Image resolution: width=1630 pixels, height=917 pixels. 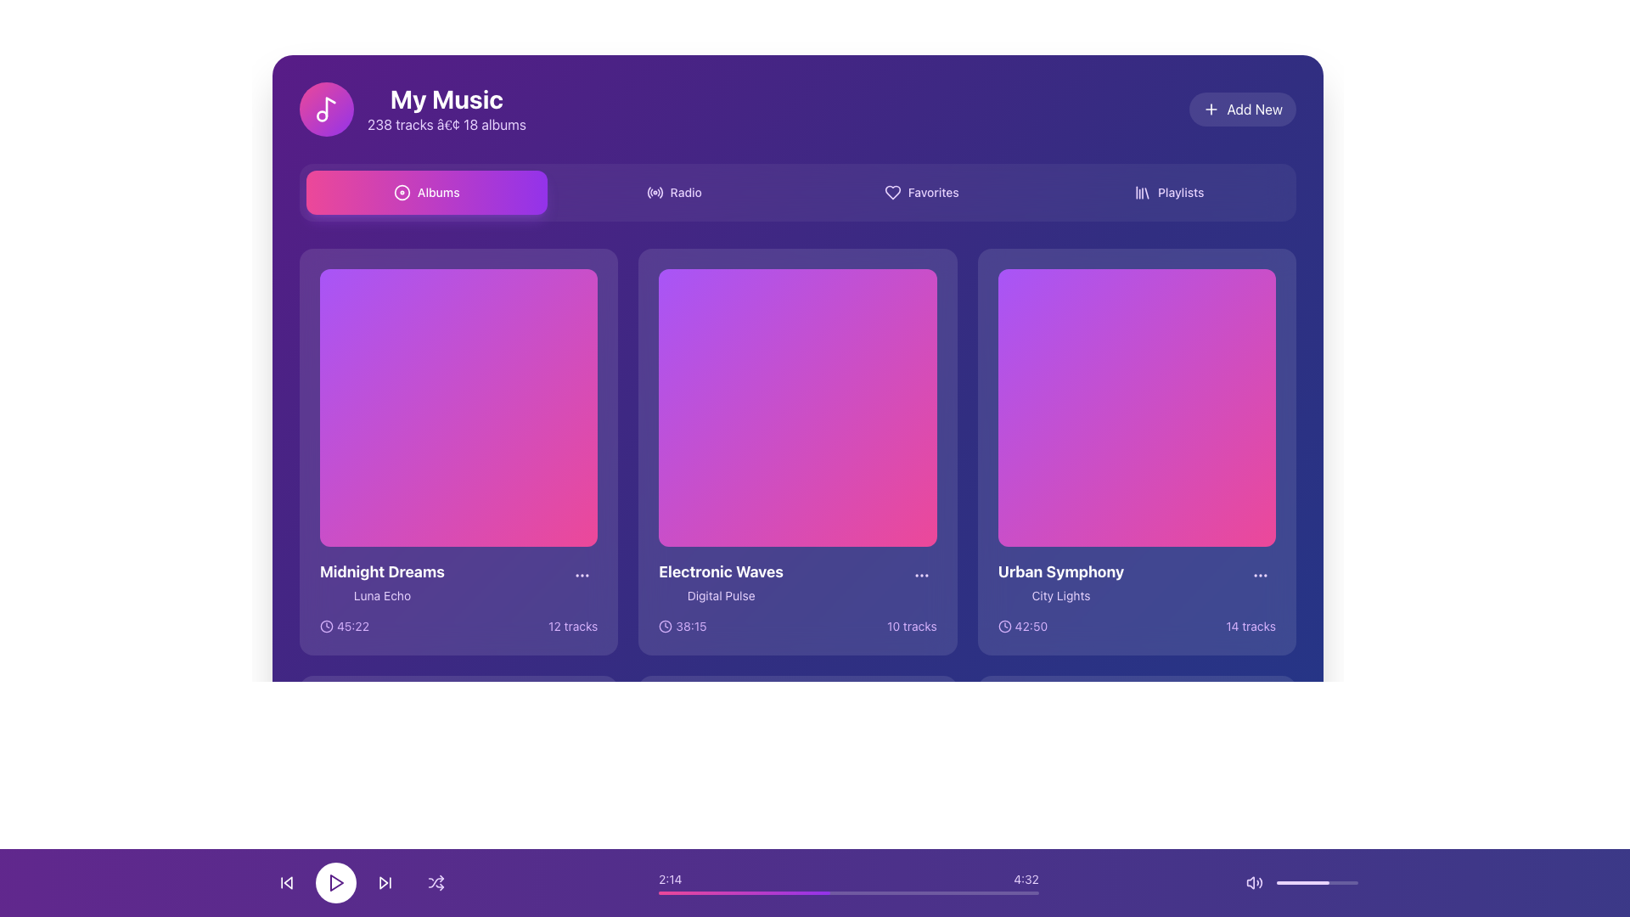 I want to click on the rectangular button labeled 'Radio' with a purple background, so click(x=673, y=192).